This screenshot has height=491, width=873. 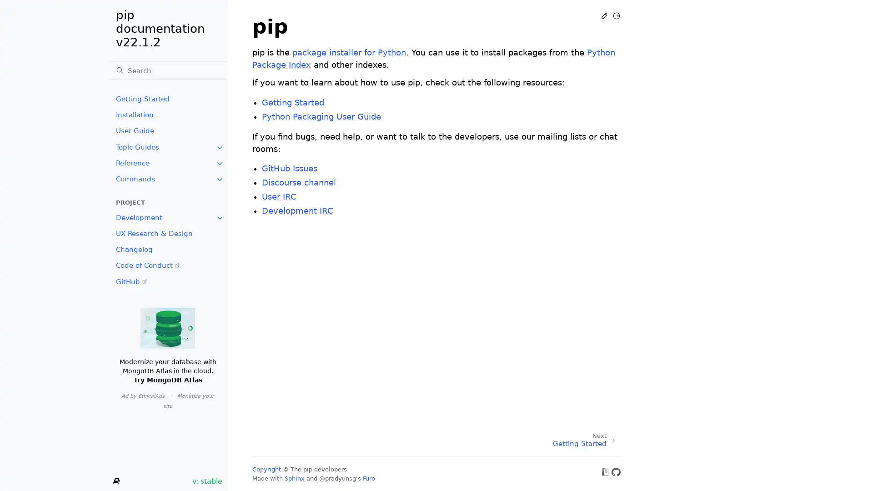 What do you see at coordinates (616, 15) in the screenshot?
I see `Toggle Light / Dark / Auto color theme` at bounding box center [616, 15].